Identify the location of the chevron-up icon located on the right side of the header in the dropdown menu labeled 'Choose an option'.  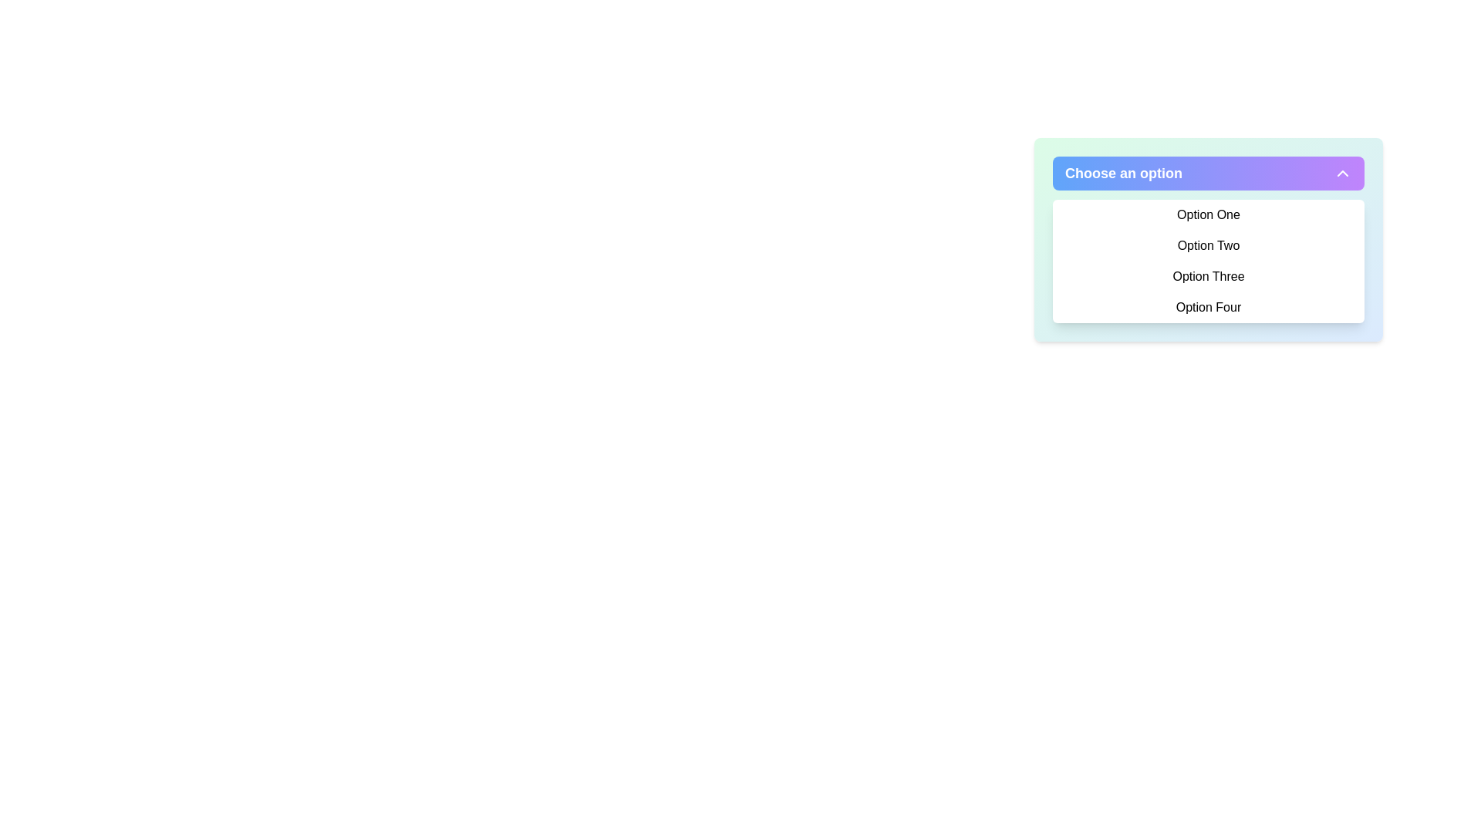
(1342, 173).